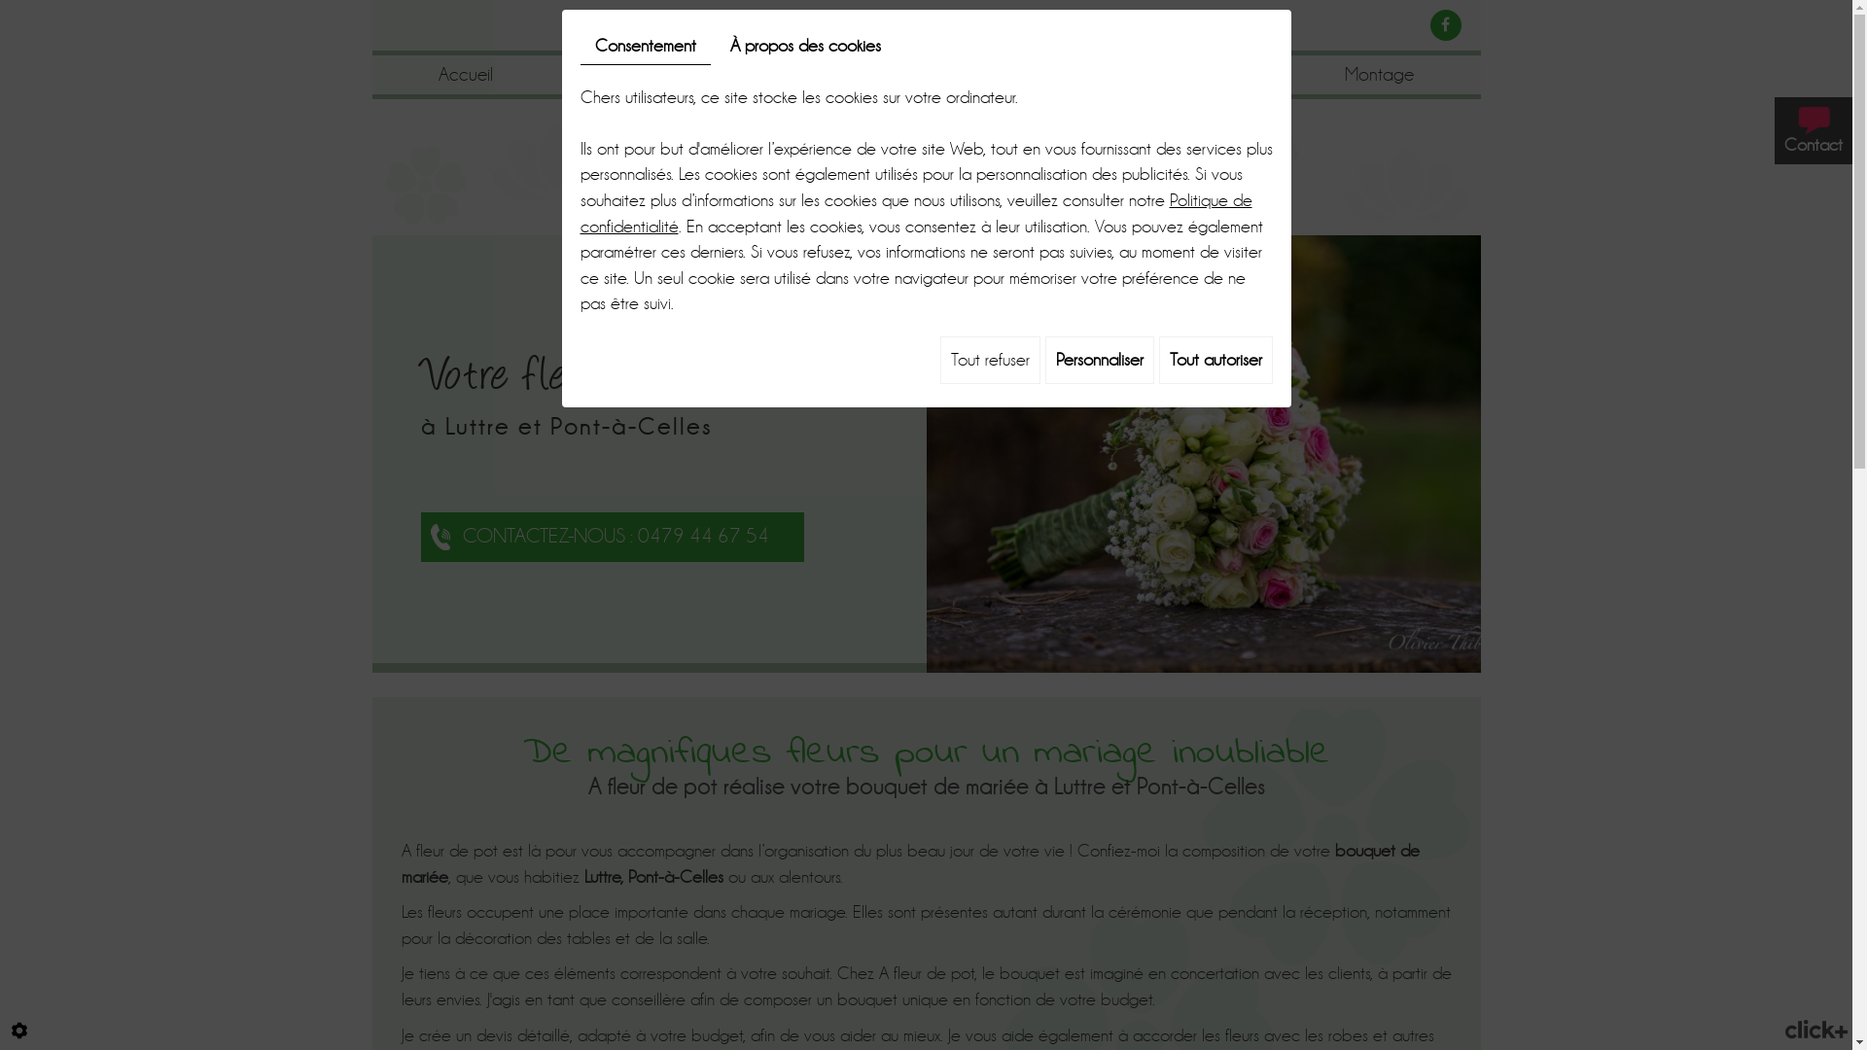 The image size is (1867, 1050). Describe the element at coordinates (1158, 360) in the screenshot. I see `'Tout autoriser'` at that location.